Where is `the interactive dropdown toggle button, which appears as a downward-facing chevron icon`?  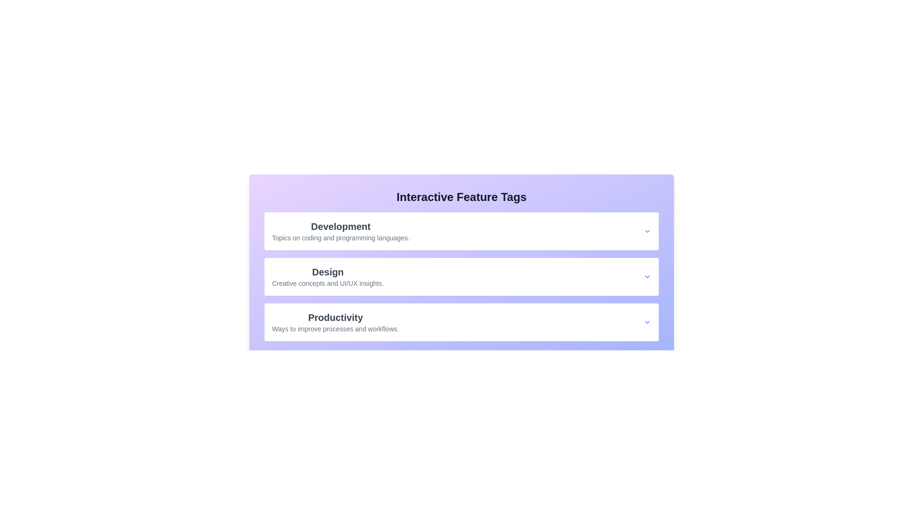
the interactive dropdown toggle button, which appears as a downward-facing chevron icon is located at coordinates (647, 231).